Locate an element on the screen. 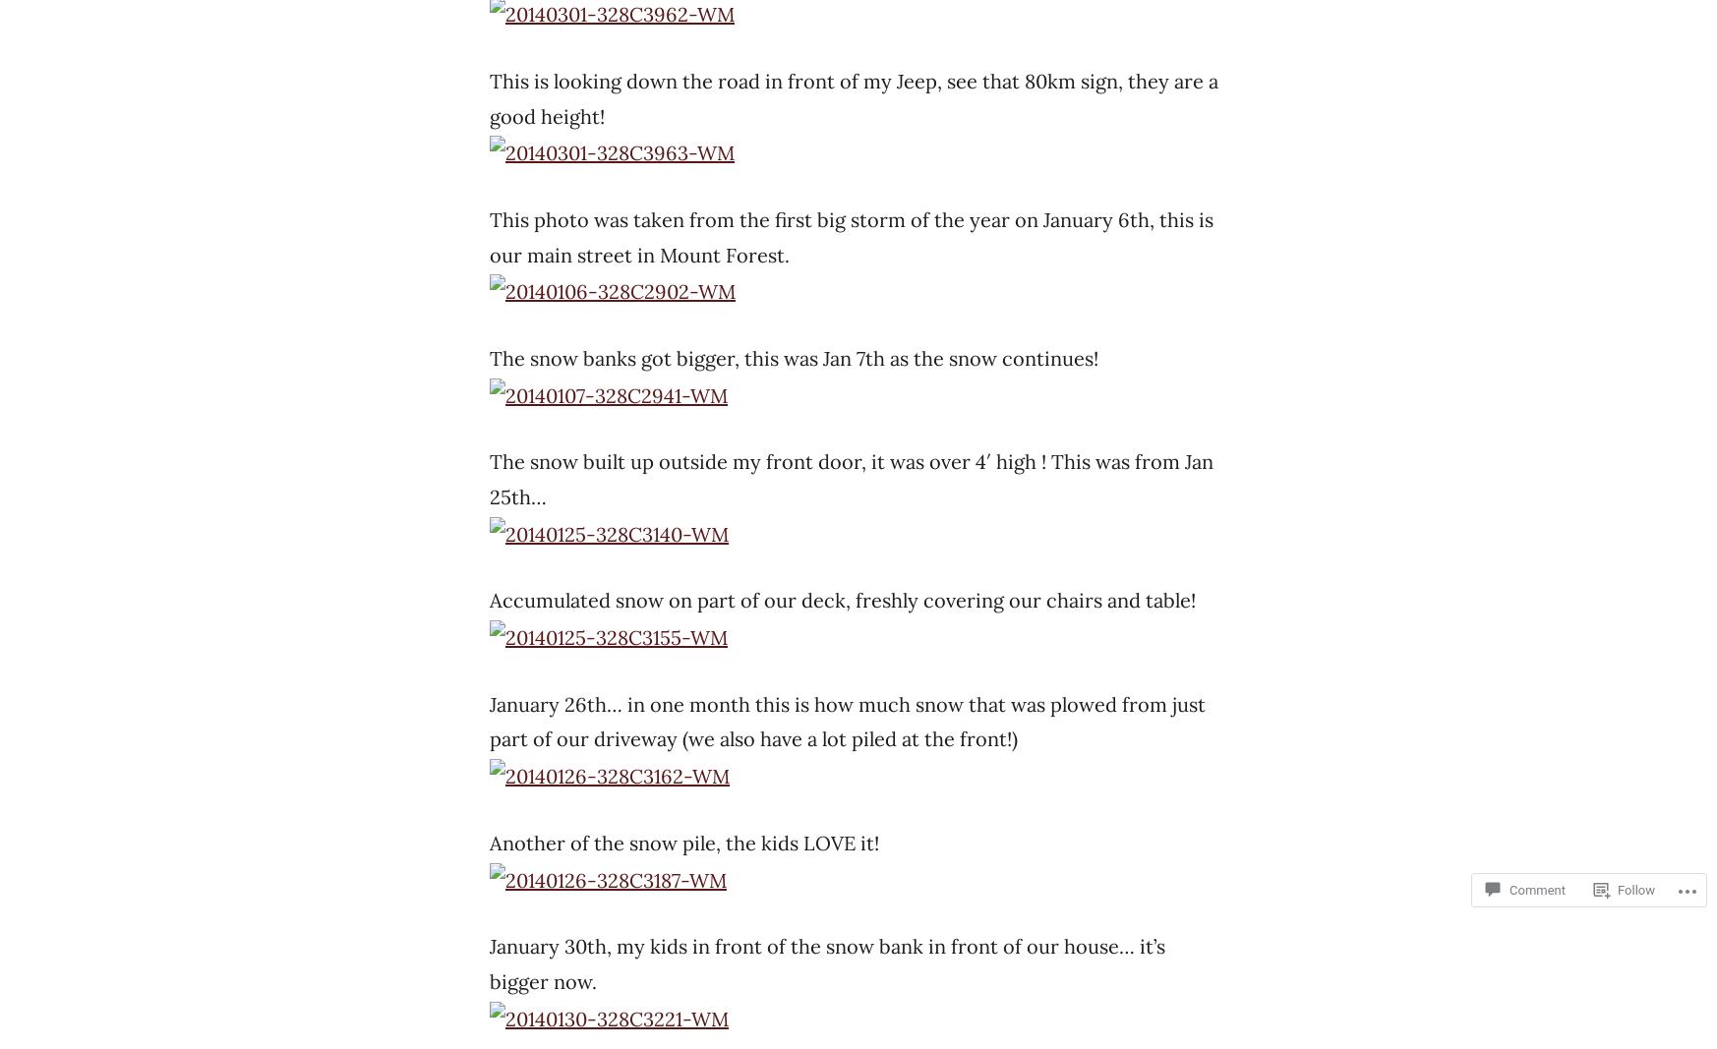 The image size is (1717, 1049). 'The snow built up outside my front door, it was over 4′ high ! This was from Jan 25th…' is located at coordinates (852, 477).